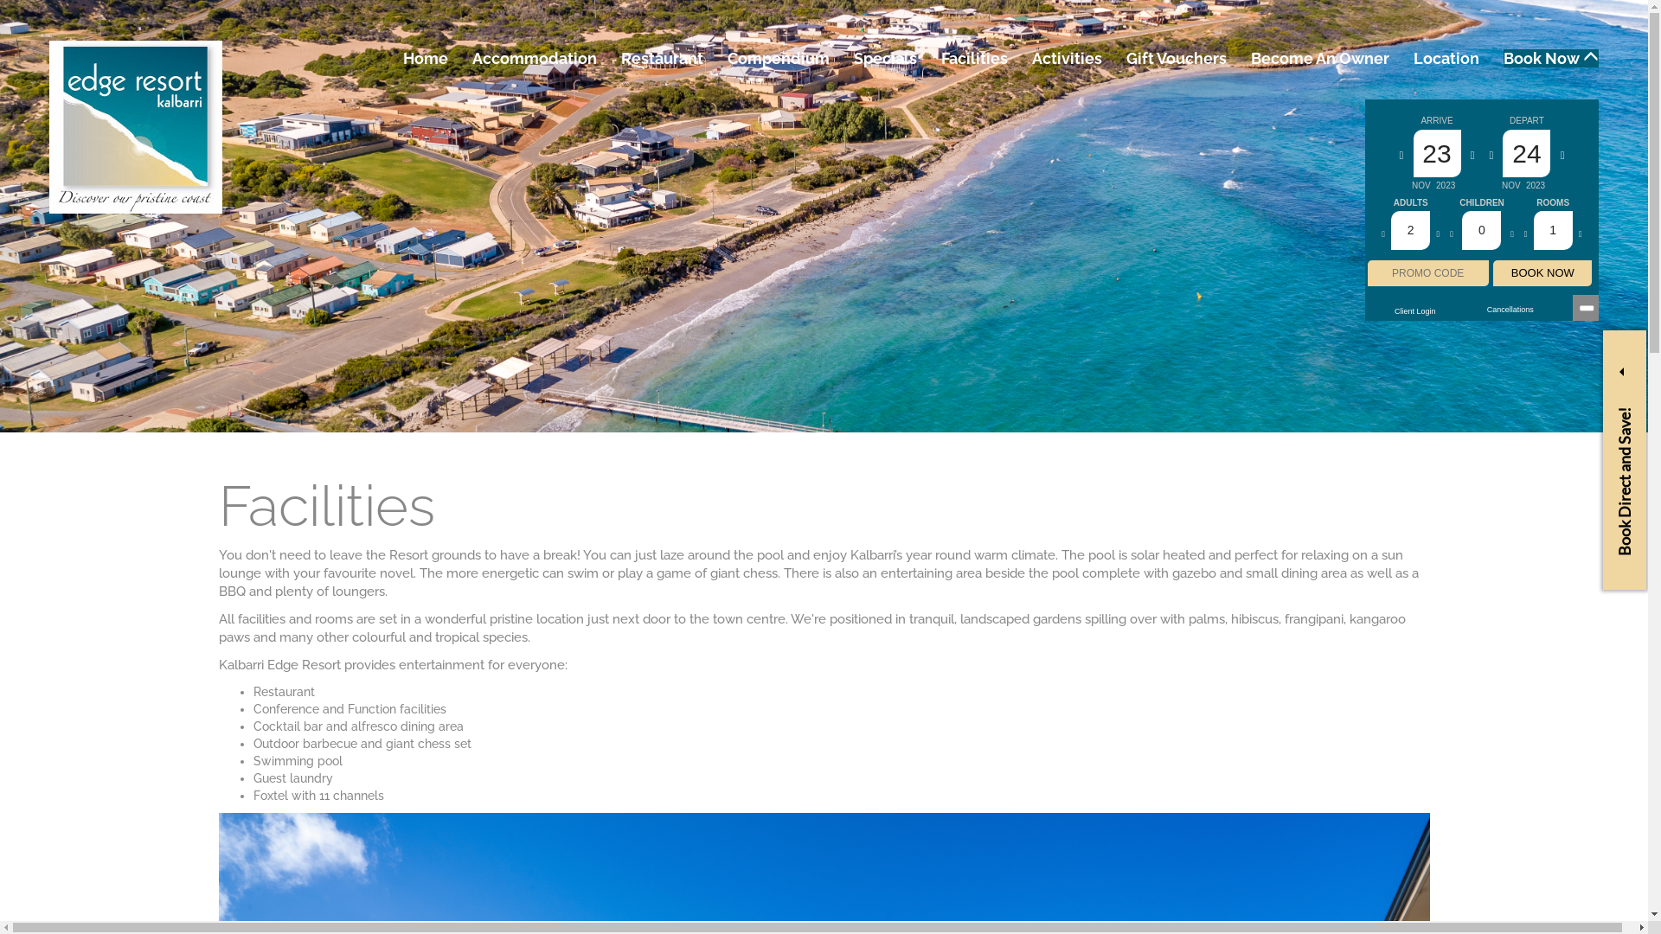 The width and height of the screenshot is (1661, 934). Describe the element at coordinates (885, 57) in the screenshot. I see `'Specials'` at that location.